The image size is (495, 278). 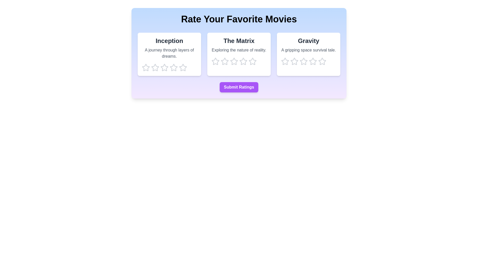 What do you see at coordinates (238, 87) in the screenshot?
I see `the 'Submit Ratings' button to finalize the ratings` at bounding box center [238, 87].